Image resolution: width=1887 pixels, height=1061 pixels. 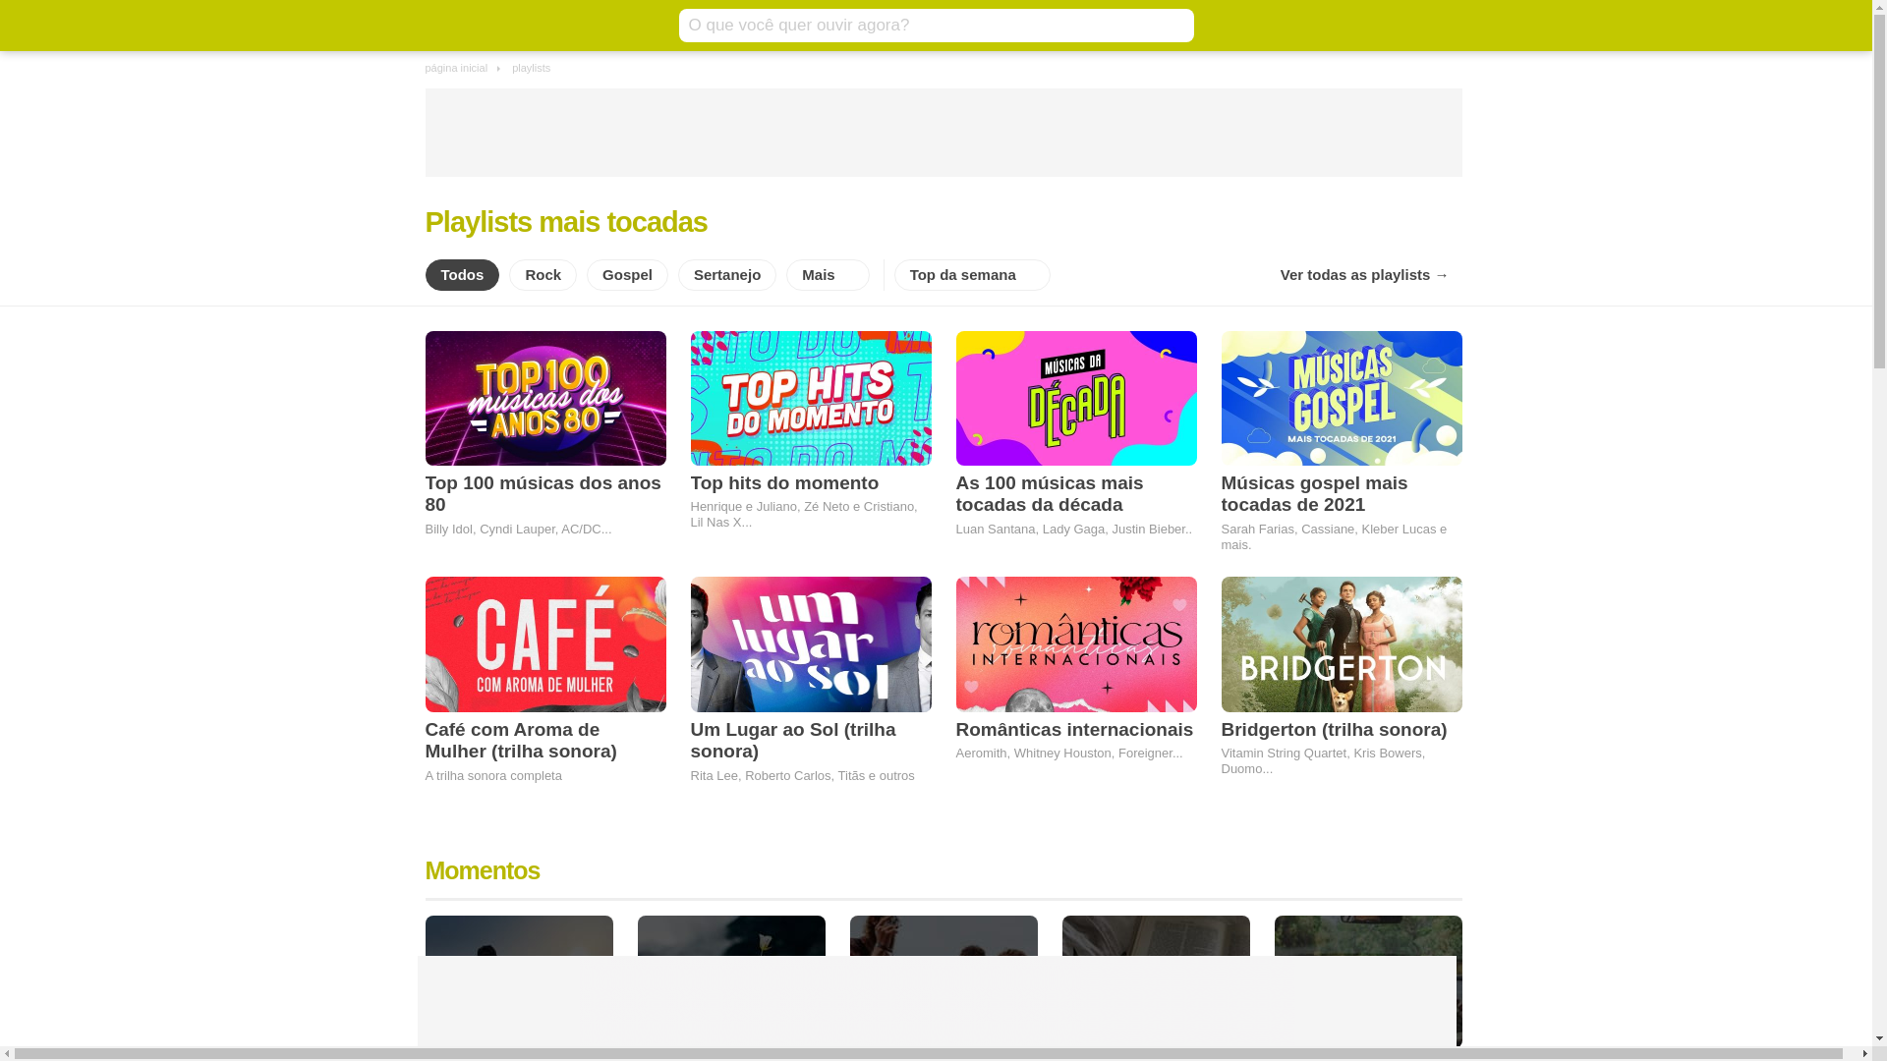 What do you see at coordinates (518, 981) in the screenshot?
I see `'Descansar'` at bounding box center [518, 981].